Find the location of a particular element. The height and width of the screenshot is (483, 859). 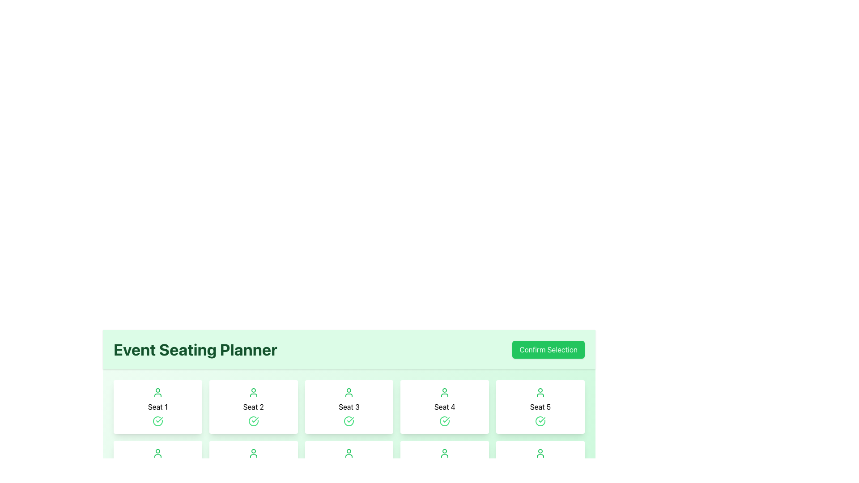

the user icon for the reserved seat located at the top center of the card labeled 'Seat 7' in the seating planner interface is located at coordinates (253, 453).